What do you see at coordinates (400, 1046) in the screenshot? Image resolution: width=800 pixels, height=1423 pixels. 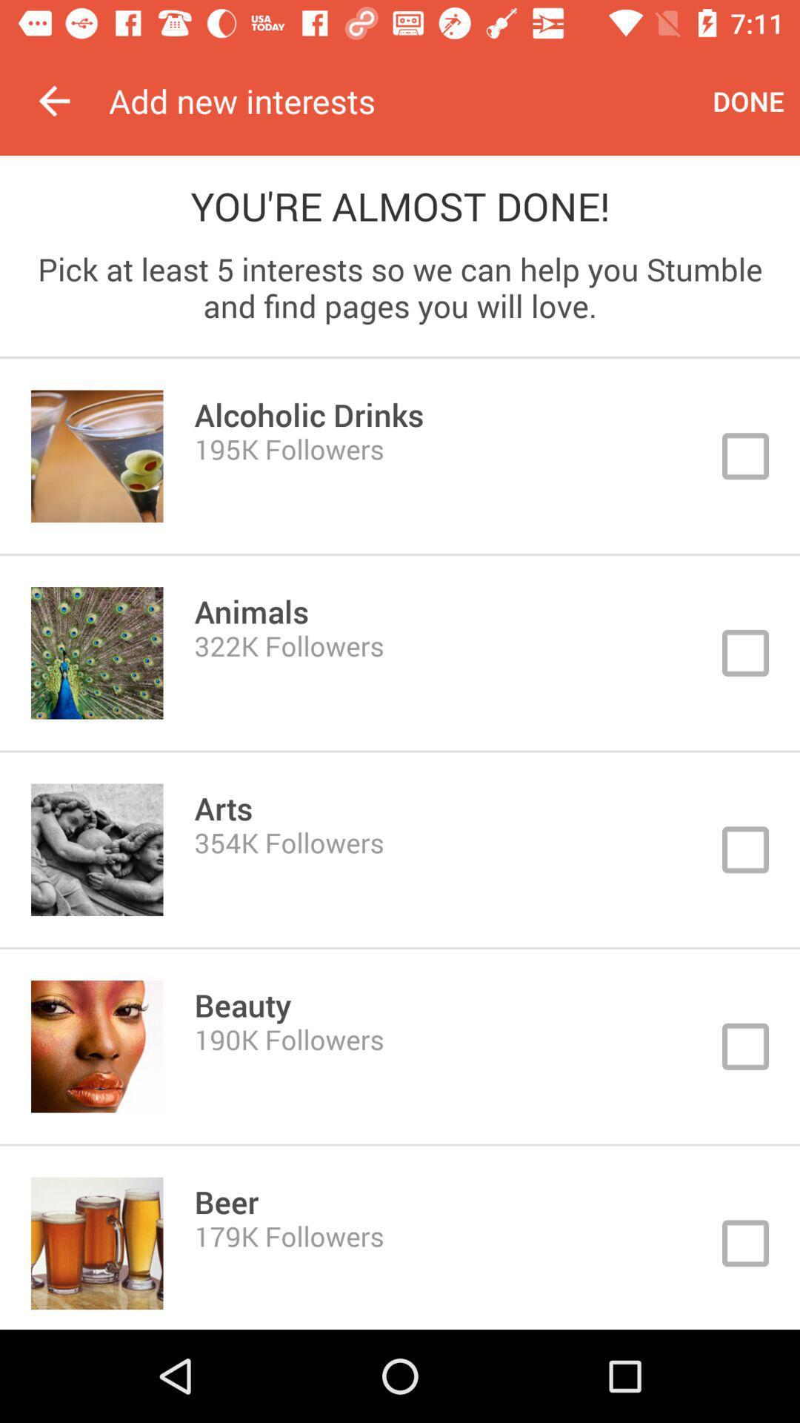 I see `option button` at bounding box center [400, 1046].